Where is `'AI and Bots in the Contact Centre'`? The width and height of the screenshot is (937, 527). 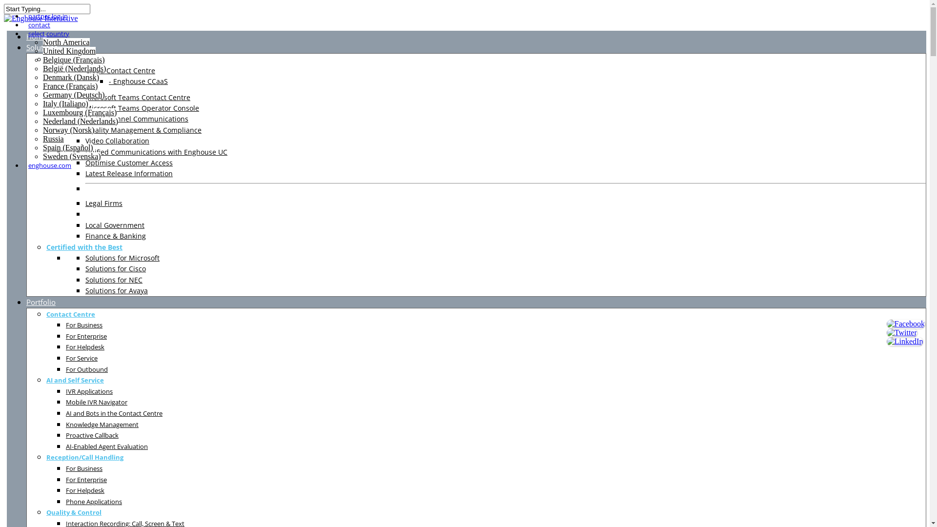 'AI and Bots in the Contact Centre' is located at coordinates (114, 413).